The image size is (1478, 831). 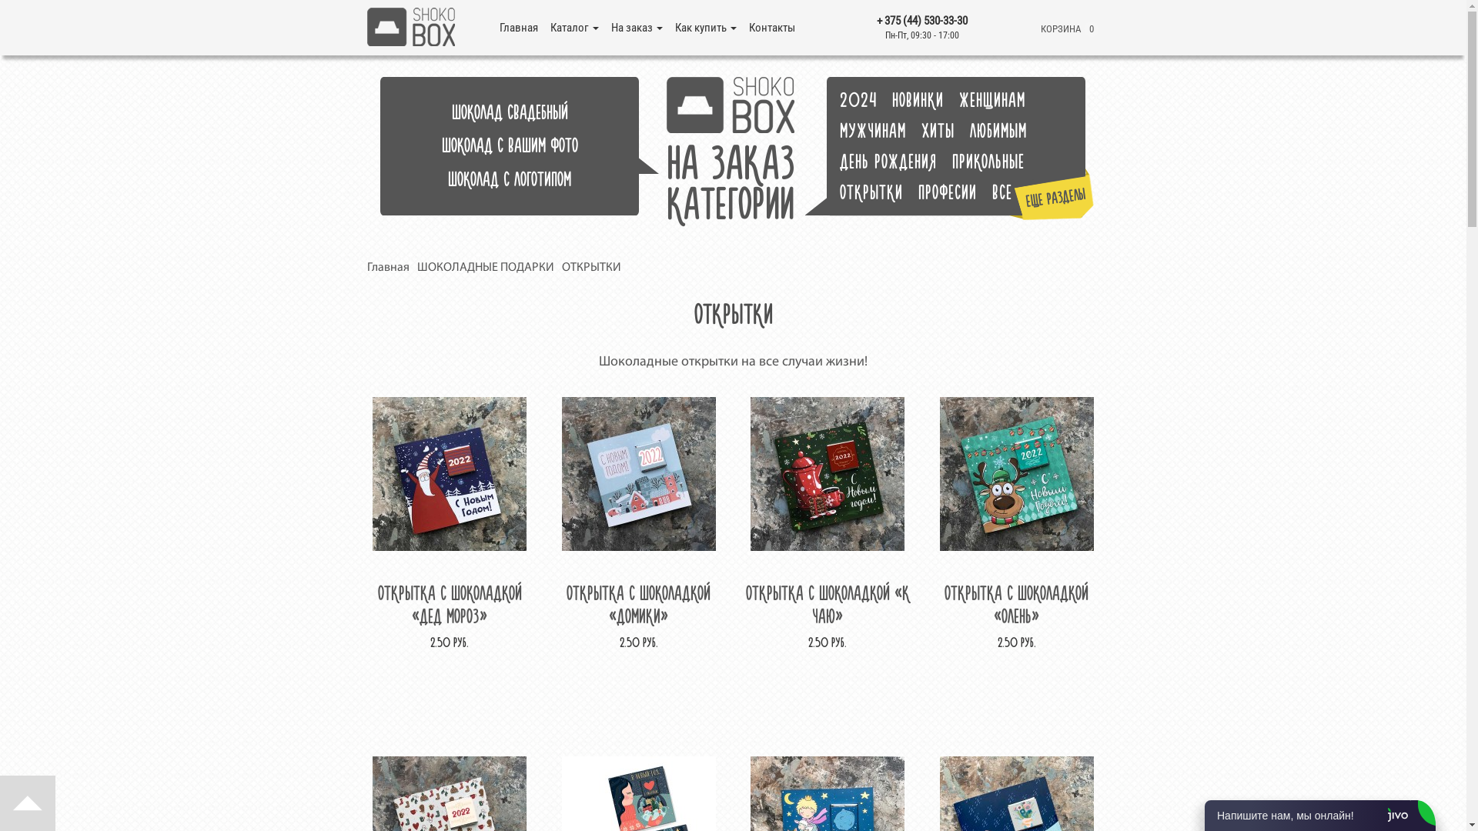 What do you see at coordinates (864, 100) in the screenshot?
I see `'2024'` at bounding box center [864, 100].